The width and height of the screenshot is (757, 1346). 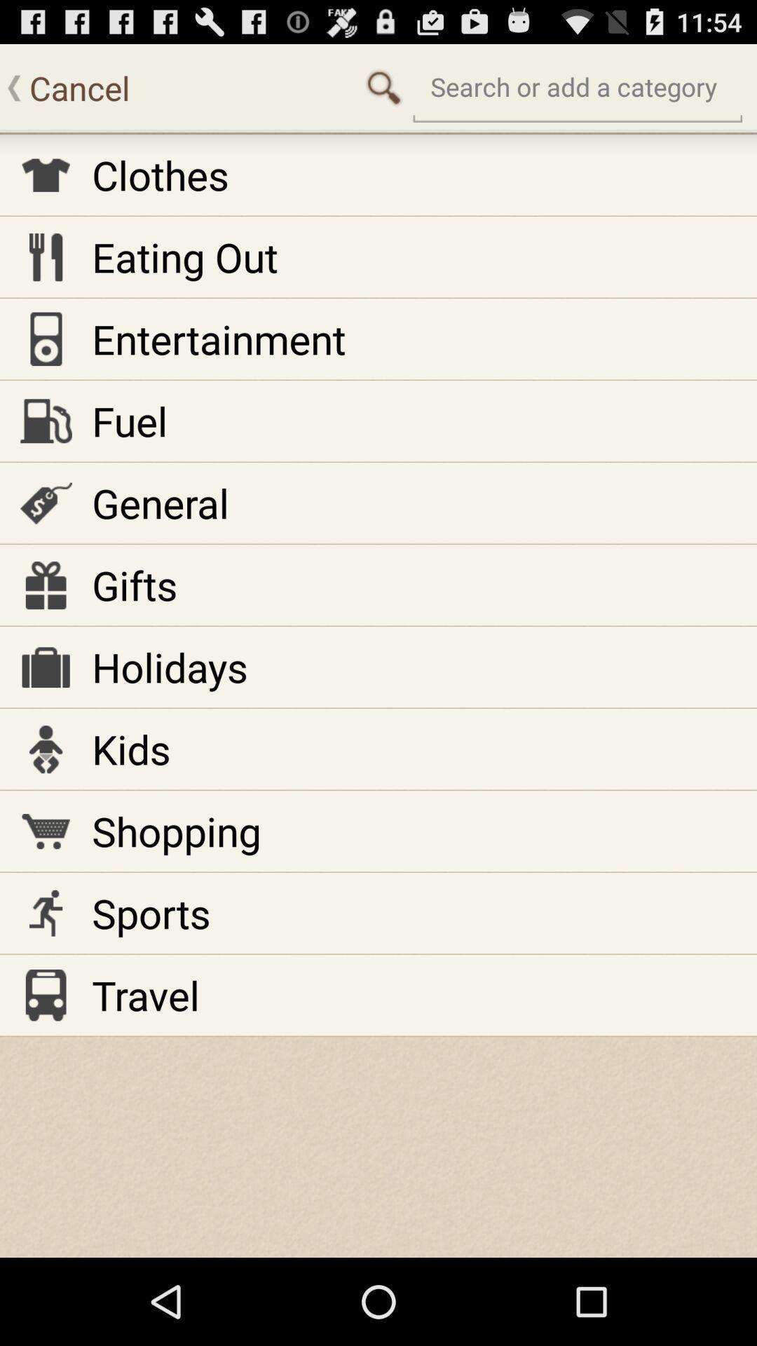 I want to click on the app above the shopping item, so click(x=131, y=748).